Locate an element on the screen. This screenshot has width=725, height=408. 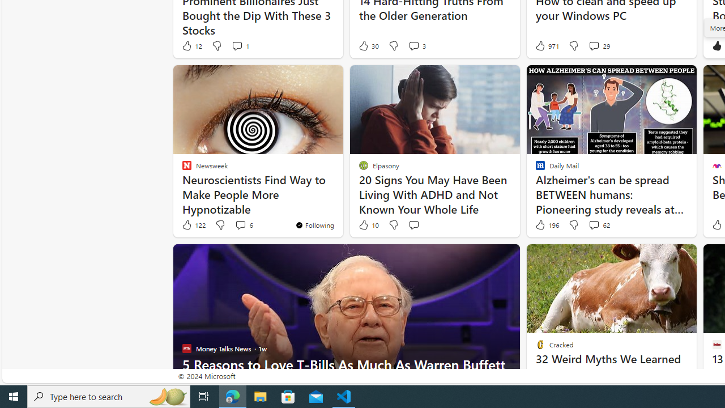
'12 Like' is located at coordinates (191, 45).